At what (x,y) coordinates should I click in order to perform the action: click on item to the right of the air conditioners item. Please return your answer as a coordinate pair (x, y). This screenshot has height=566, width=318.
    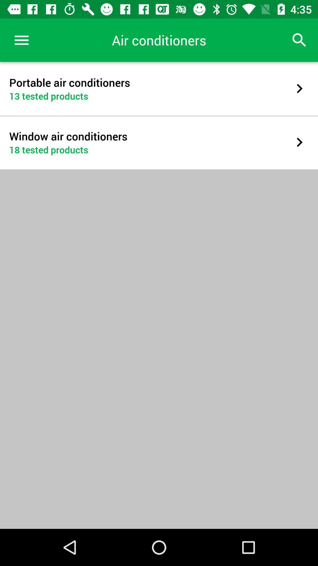
    Looking at the image, I should click on (299, 40).